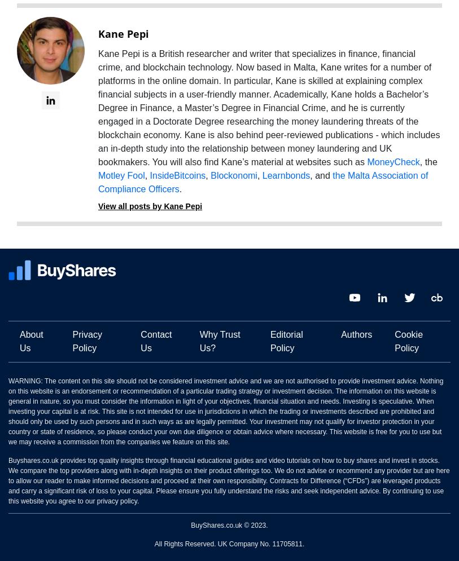  I want to click on 'BuyShares.co.uk © 2023.', so click(229, 525).